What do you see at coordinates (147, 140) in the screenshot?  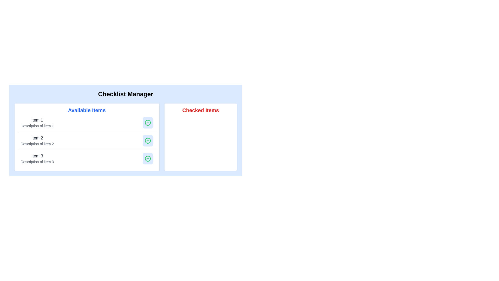 I see `the green circle with a plus sign button in the 'Available Items' section, located to the right of 'Item 3 Description of item 3'` at bounding box center [147, 140].